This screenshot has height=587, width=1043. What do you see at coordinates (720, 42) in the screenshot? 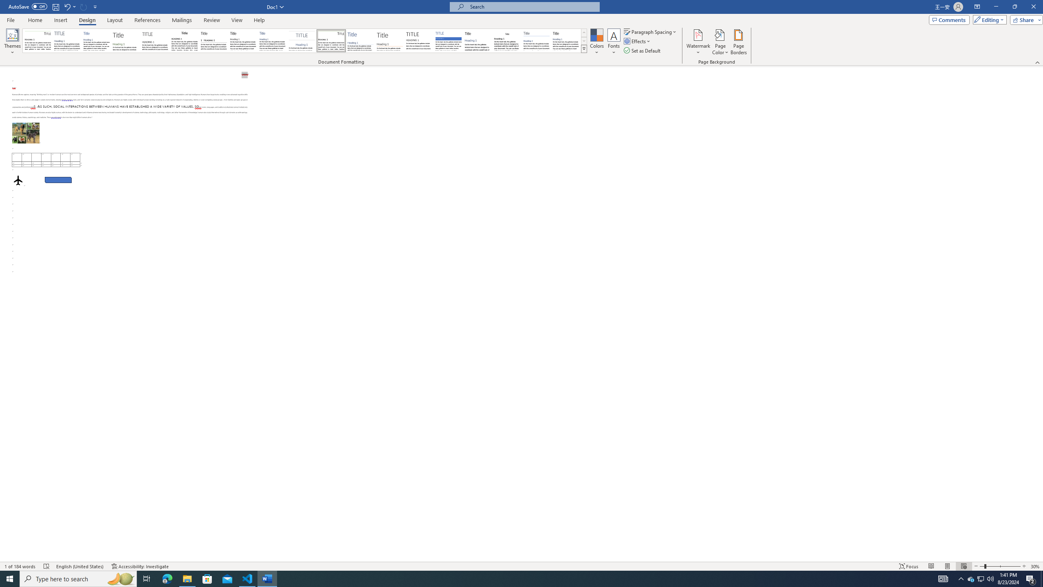
I see `'Page Color'` at bounding box center [720, 42].